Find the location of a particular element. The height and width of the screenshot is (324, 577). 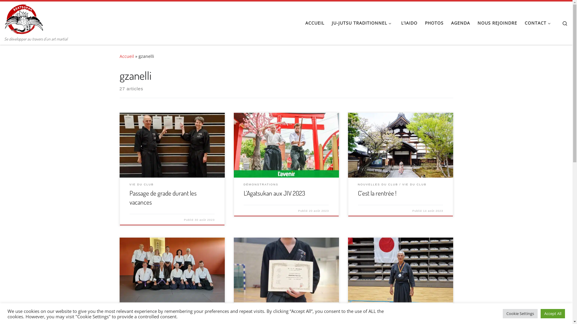

'JU-JUTSU TRADITIONNEL' is located at coordinates (362, 23).